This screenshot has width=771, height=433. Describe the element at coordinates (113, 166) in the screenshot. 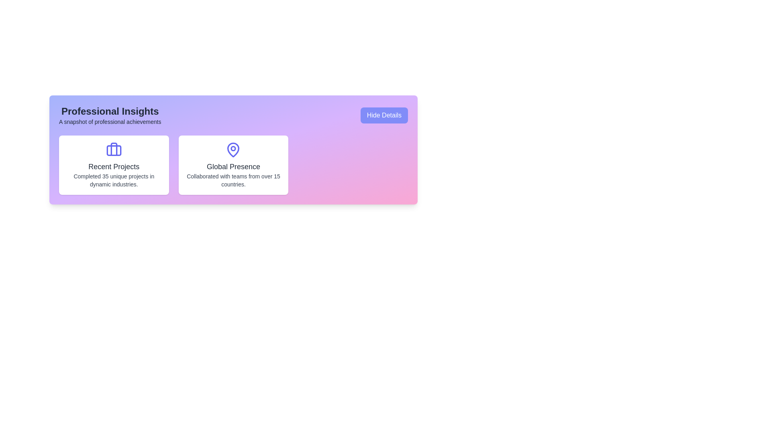

I see `text element that serves as a headline for recent projects, centrally positioned above the description text and below a briefcase icon` at that location.